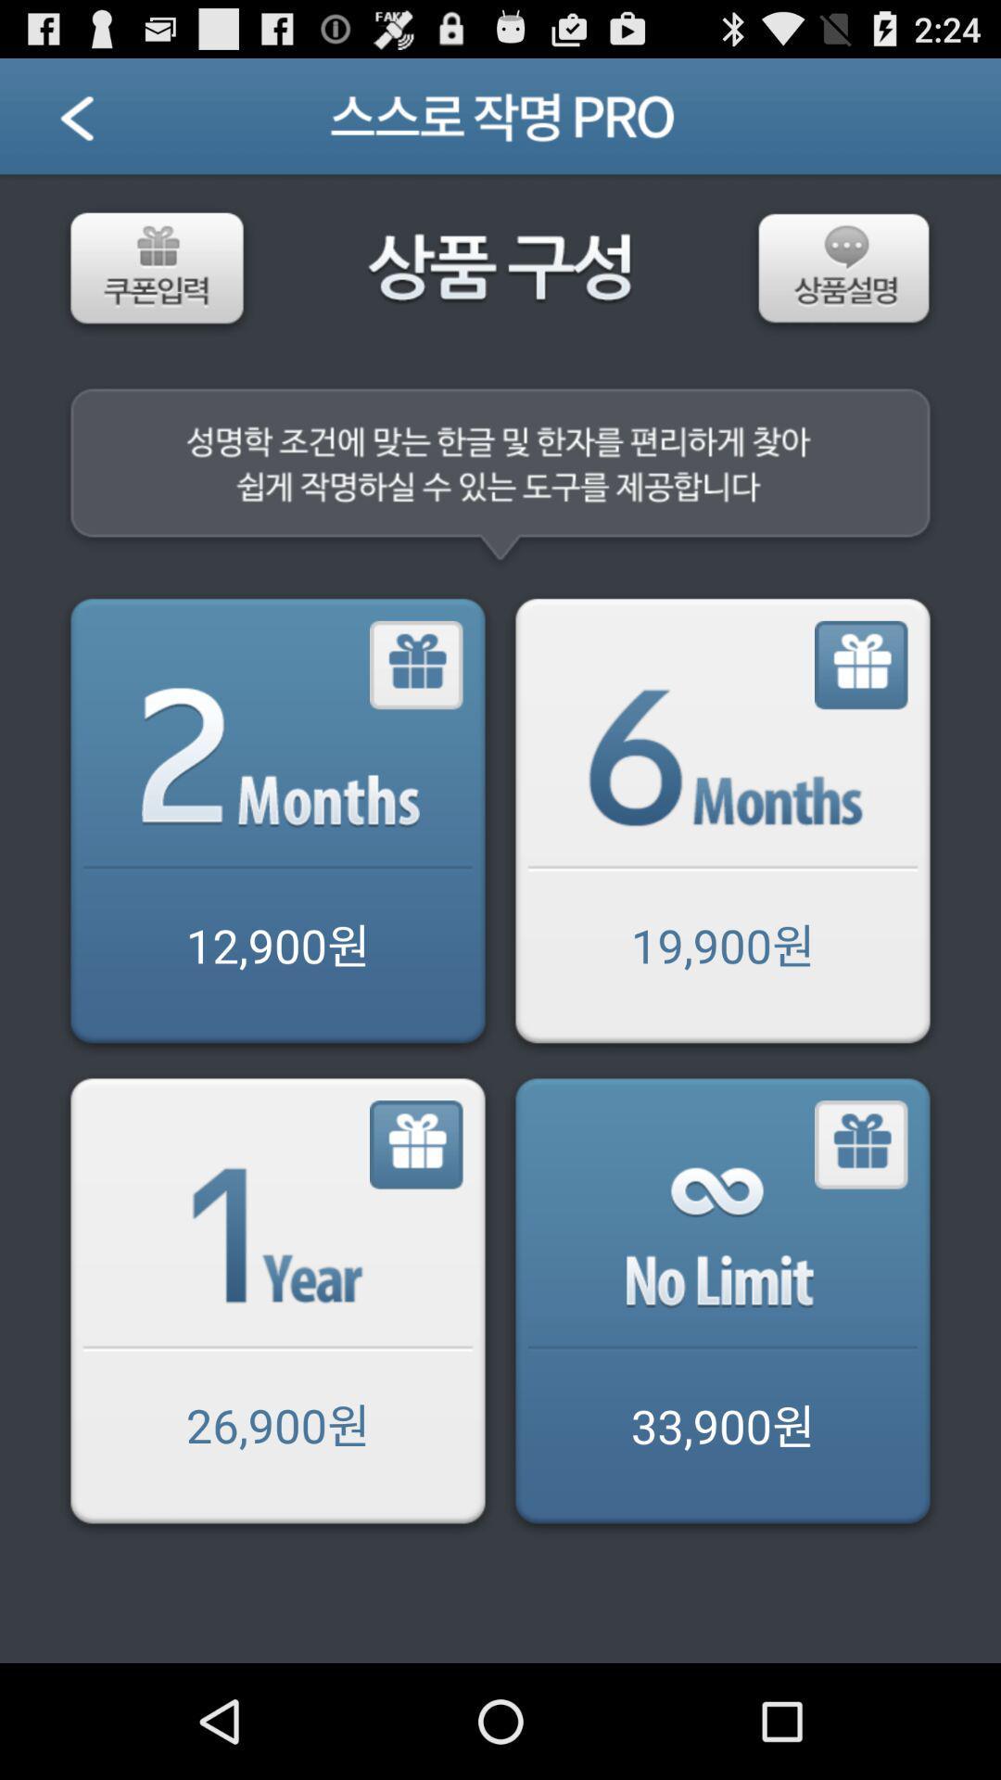 The width and height of the screenshot is (1001, 1780). Describe the element at coordinates (100, 122) in the screenshot. I see `previous` at that location.